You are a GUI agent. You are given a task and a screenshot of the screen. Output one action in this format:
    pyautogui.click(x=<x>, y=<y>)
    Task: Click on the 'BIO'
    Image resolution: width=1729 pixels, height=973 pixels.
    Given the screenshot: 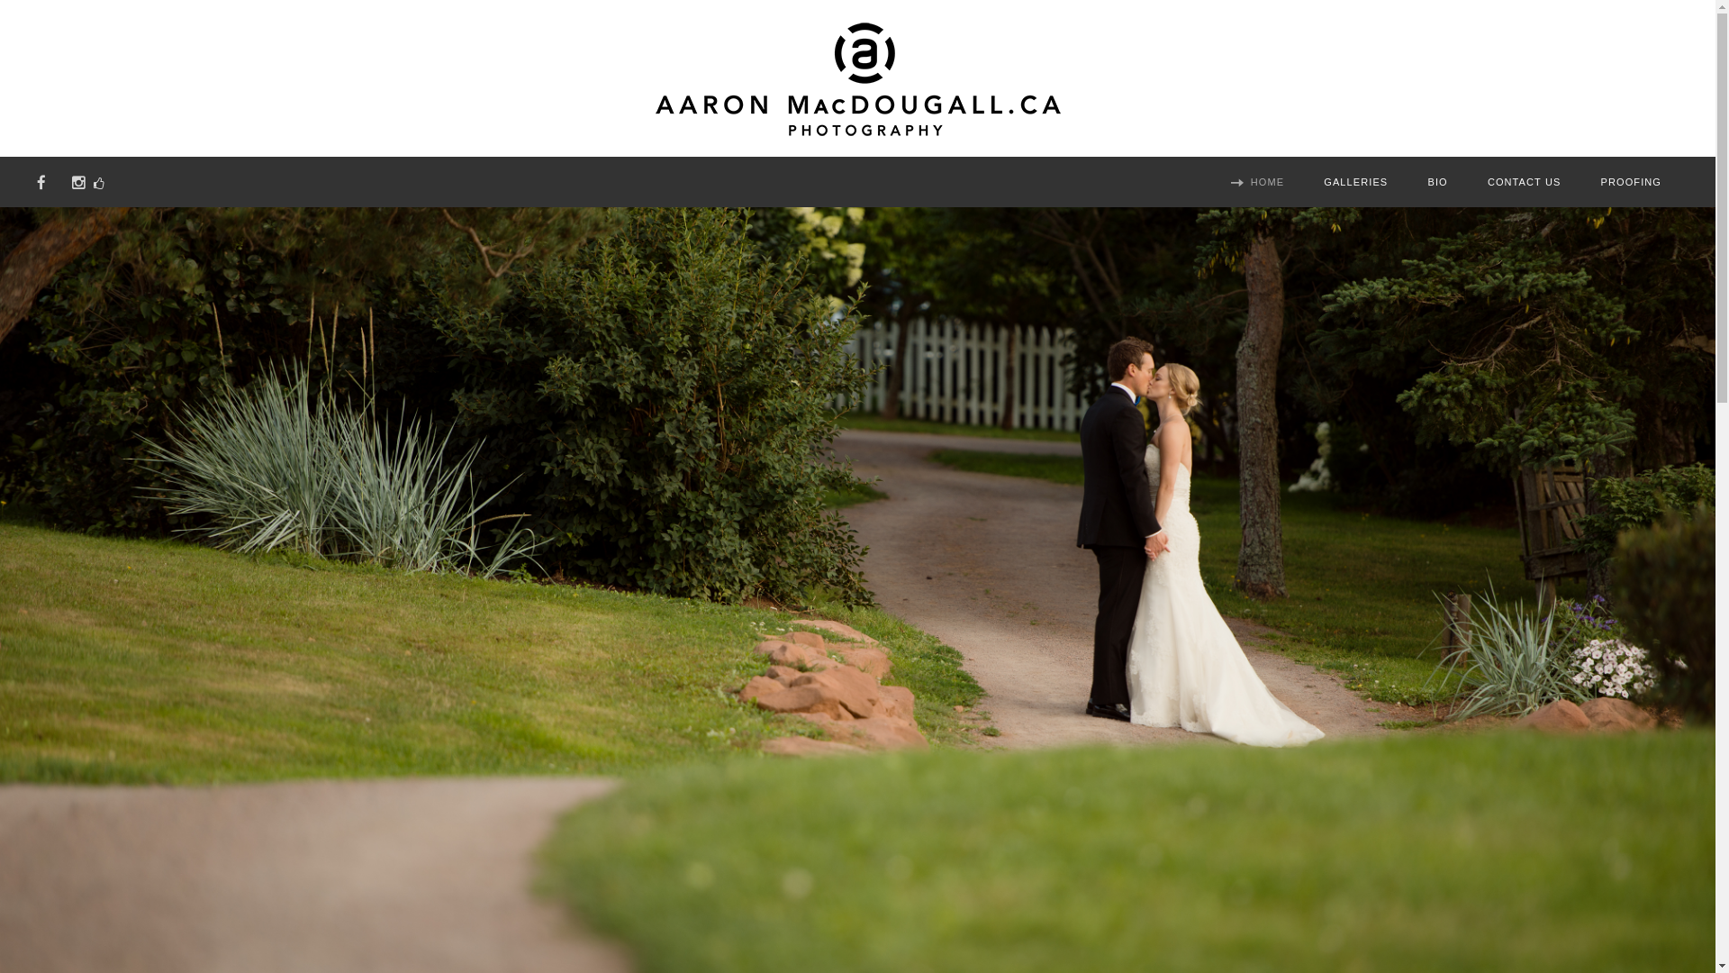 What is the action you would take?
    pyautogui.click(x=1408, y=184)
    